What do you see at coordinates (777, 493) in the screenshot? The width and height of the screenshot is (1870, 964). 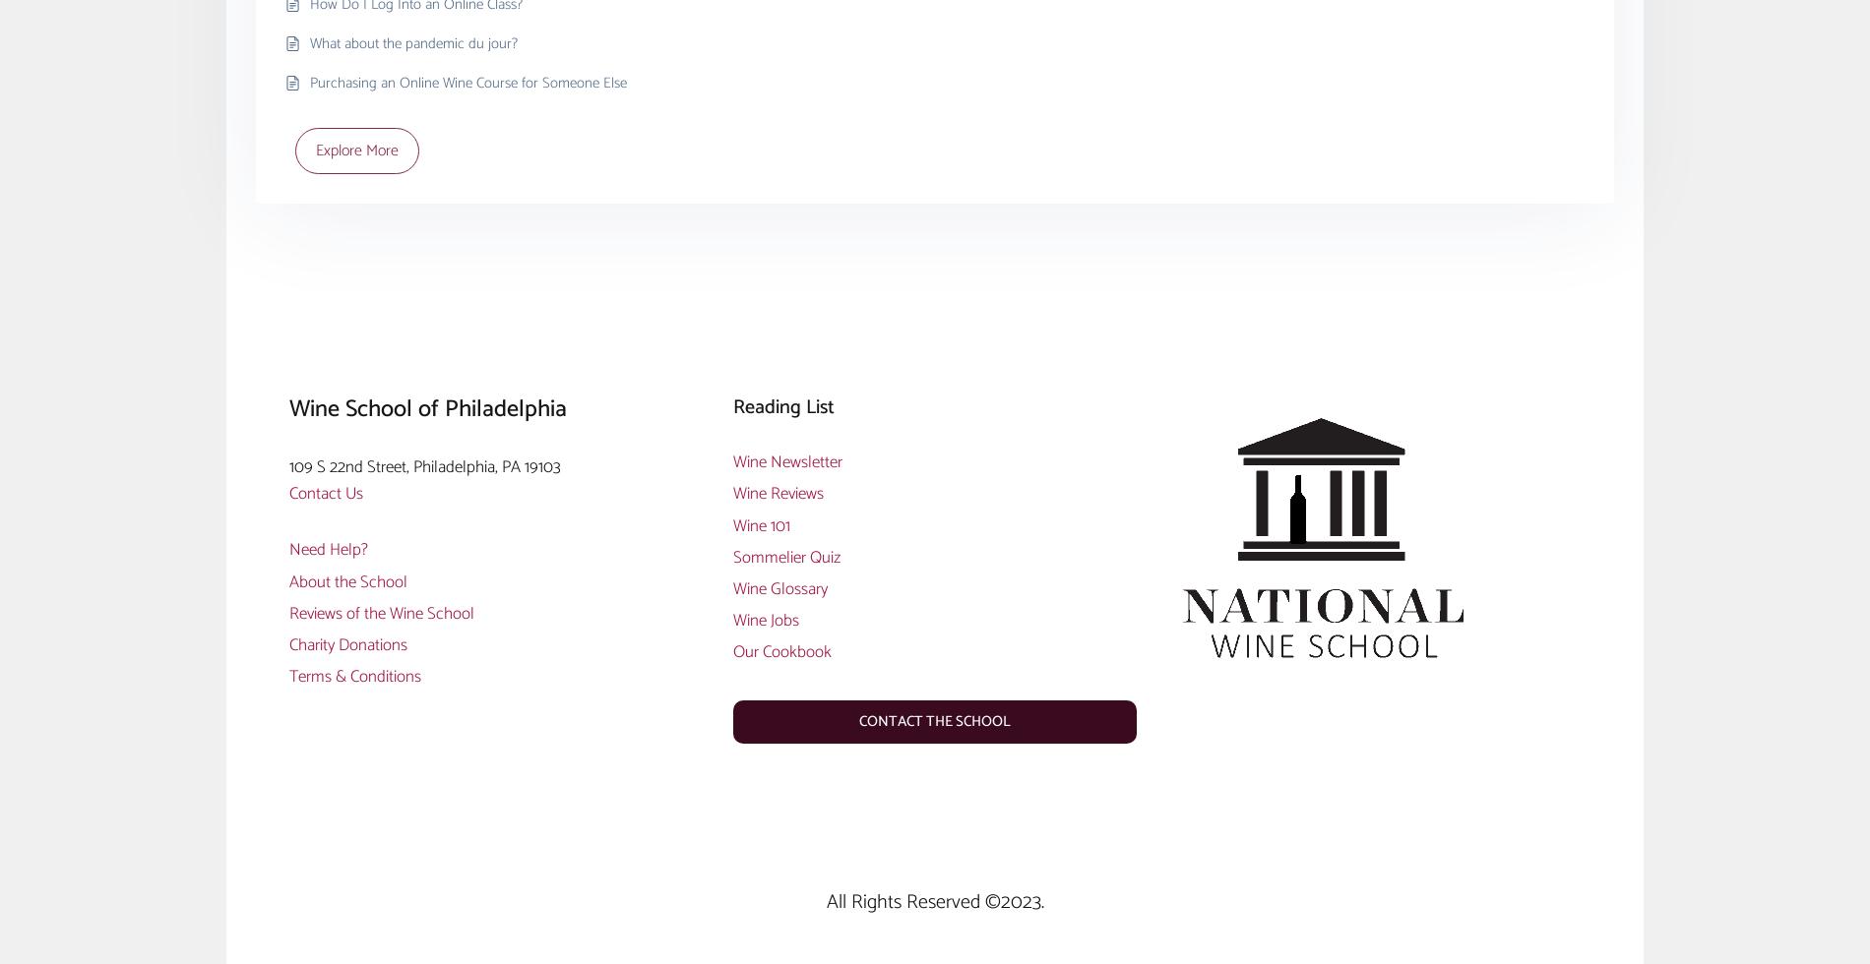 I see `'Wine Reviews'` at bounding box center [777, 493].